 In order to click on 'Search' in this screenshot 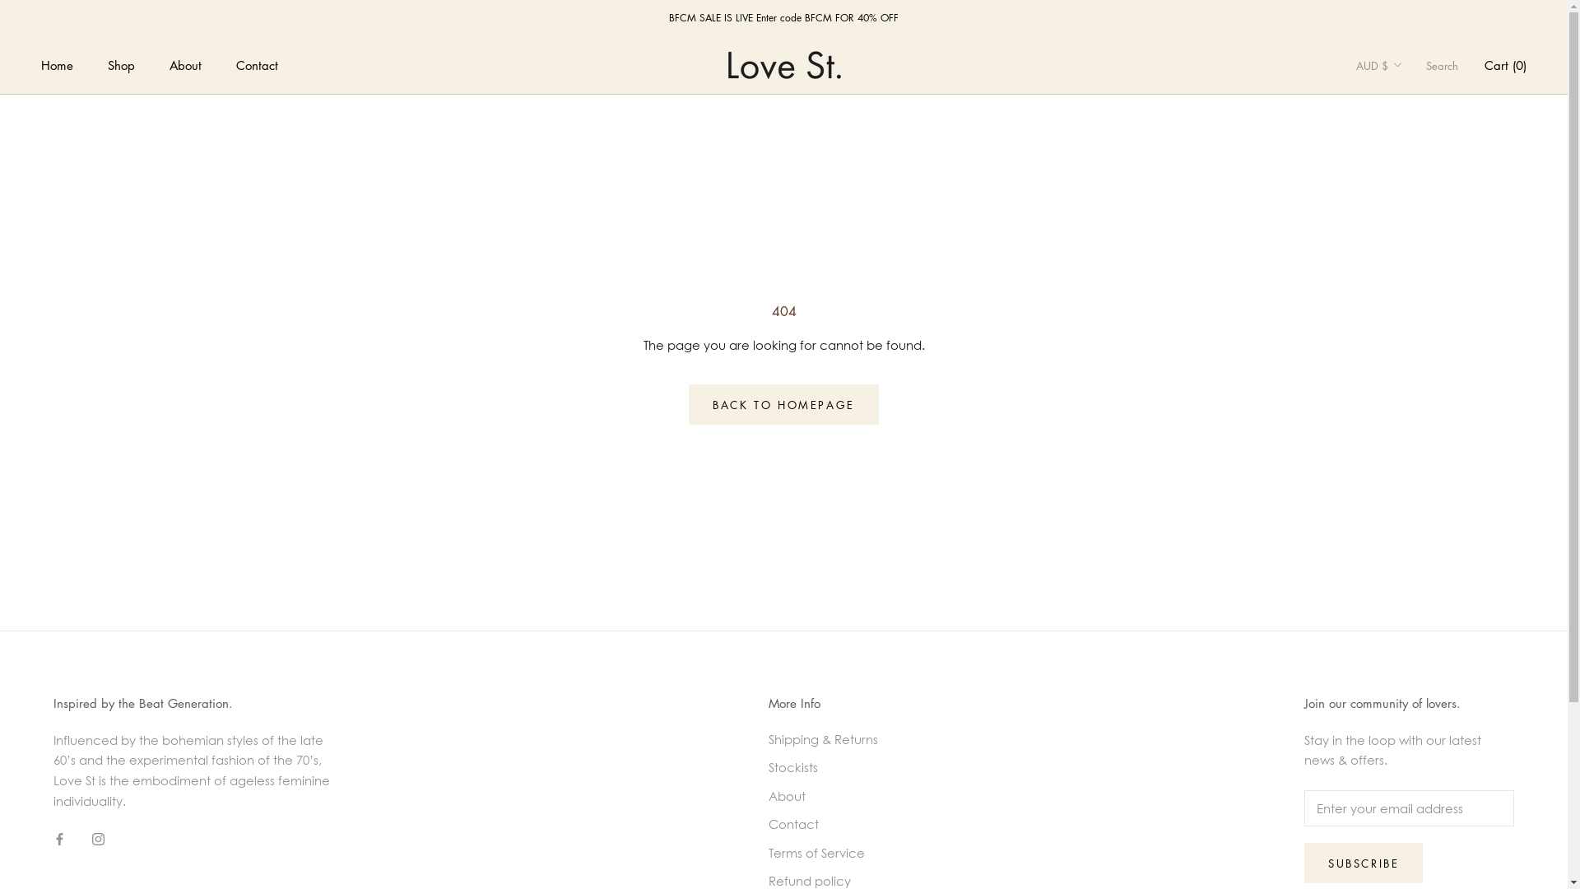, I will do `click(1441, 64)`.